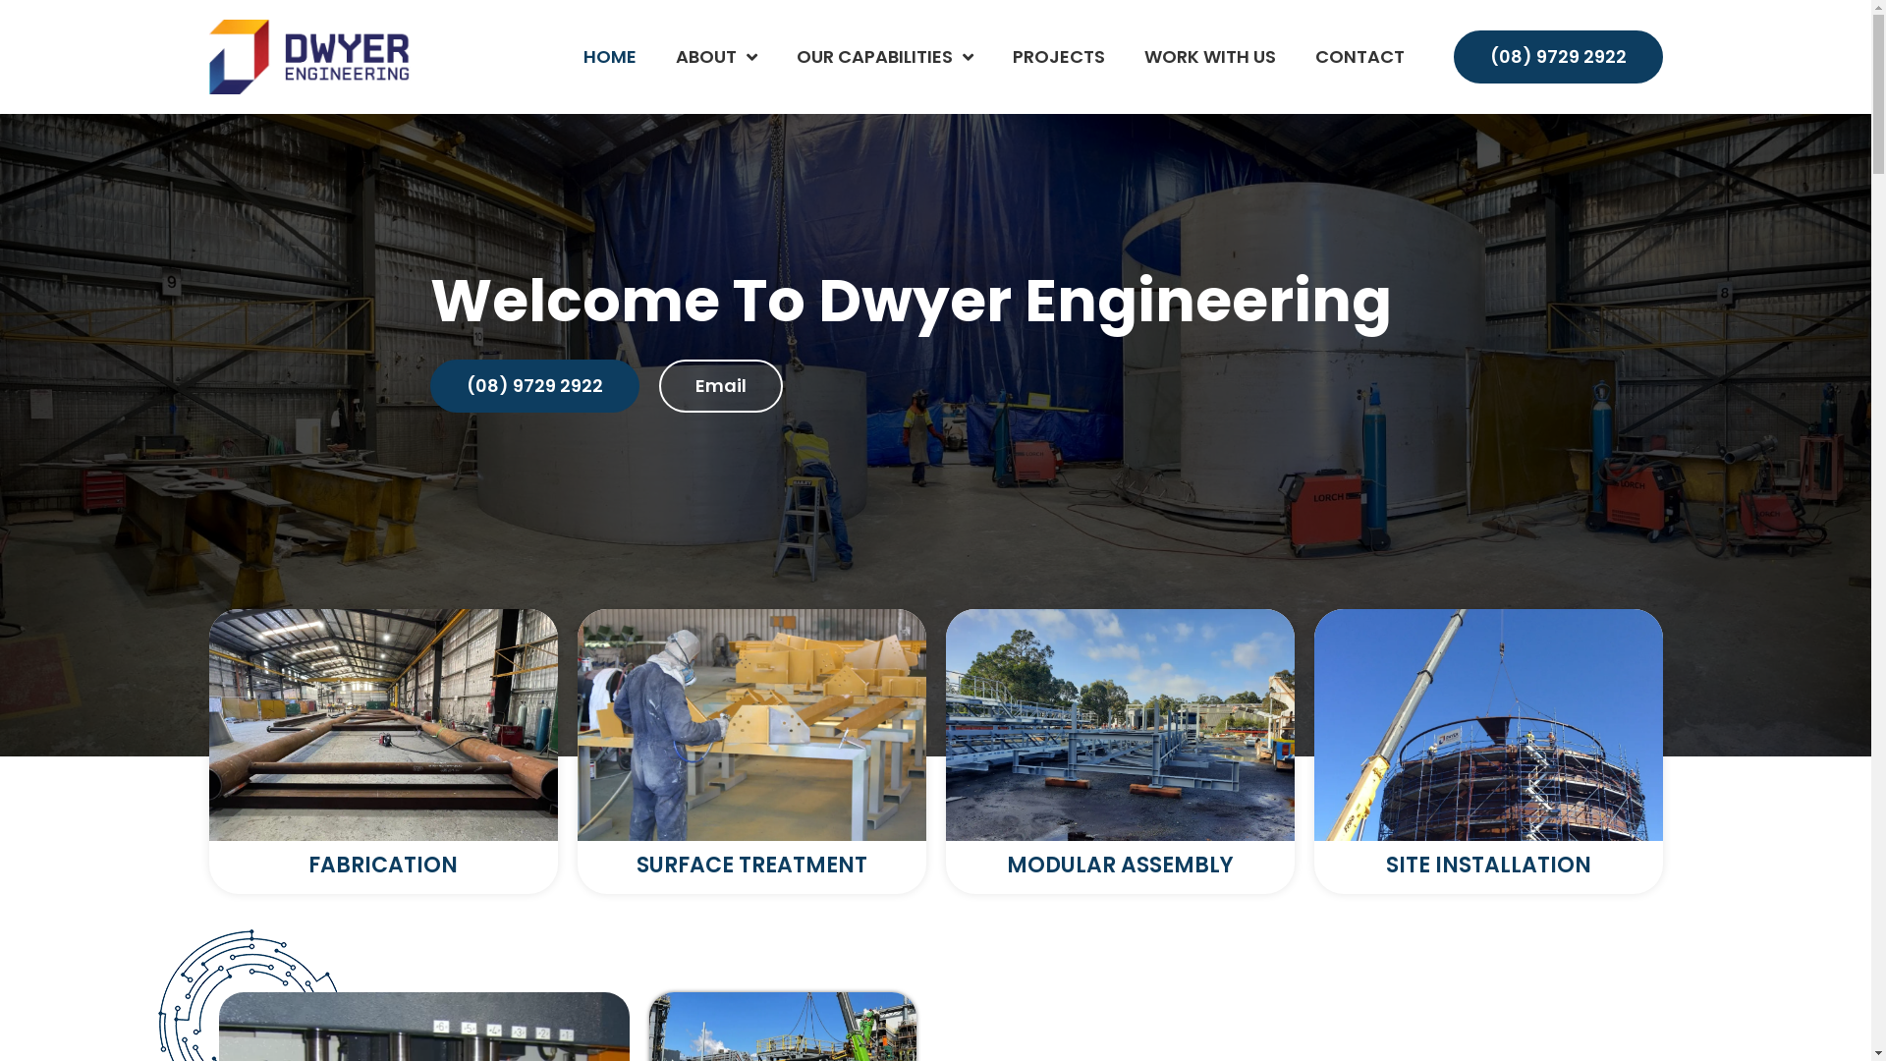 This screenshot has width=1886, height=1061. Describe the element at coordinates (1358, 55) in the screenshot. I see `'CONTACT'` at that location.